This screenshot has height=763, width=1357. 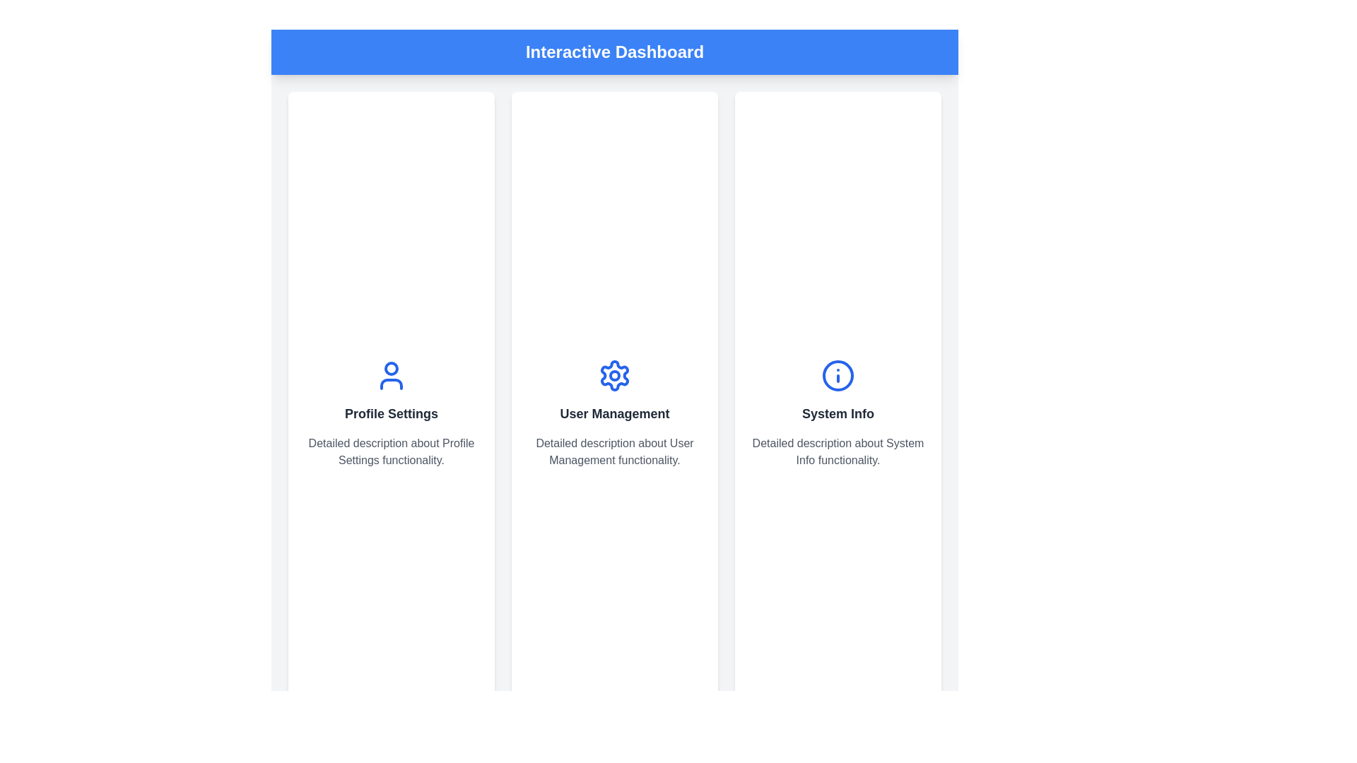 I want to click on the blue circular outline SVG element that is centered within the 'System Info' card, so click(x=838, y=375).